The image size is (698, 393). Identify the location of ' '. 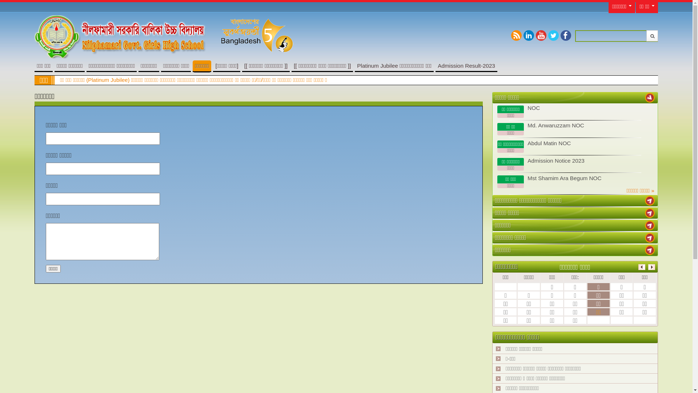
(650, 201).